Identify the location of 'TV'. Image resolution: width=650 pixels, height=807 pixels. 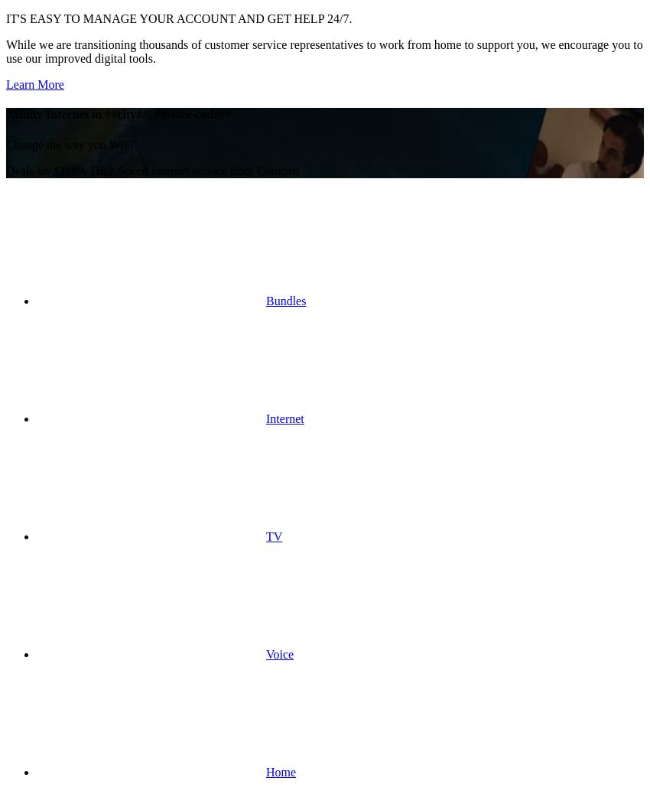
(273, 535).